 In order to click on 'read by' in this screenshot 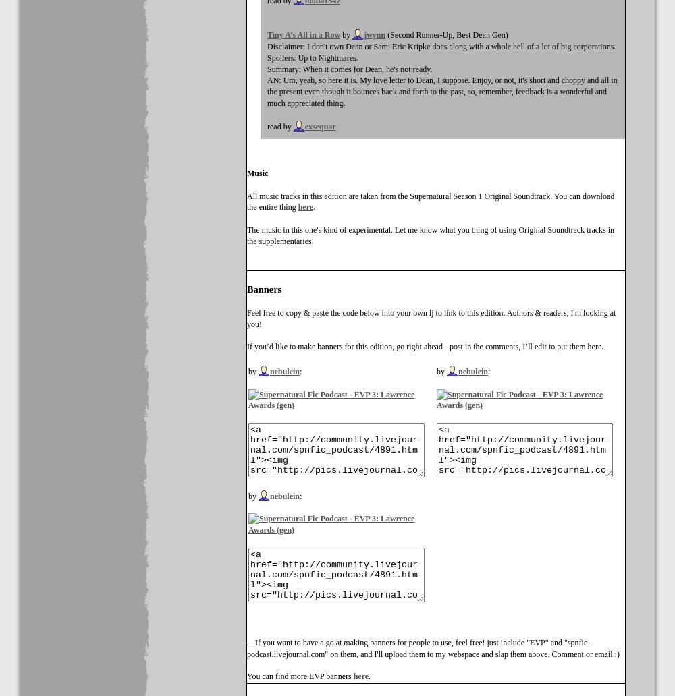, I will do `click(280, 125)`.